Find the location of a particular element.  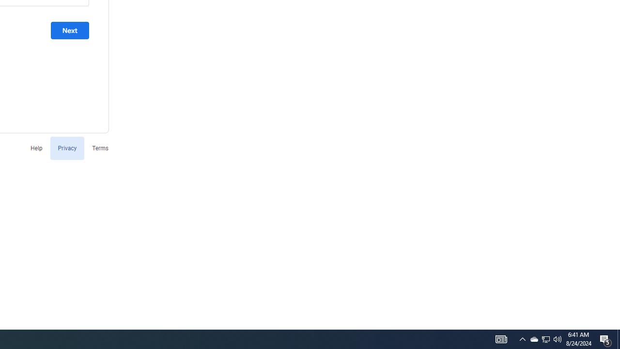

'Privacy' is located at coordinates (66, 148).